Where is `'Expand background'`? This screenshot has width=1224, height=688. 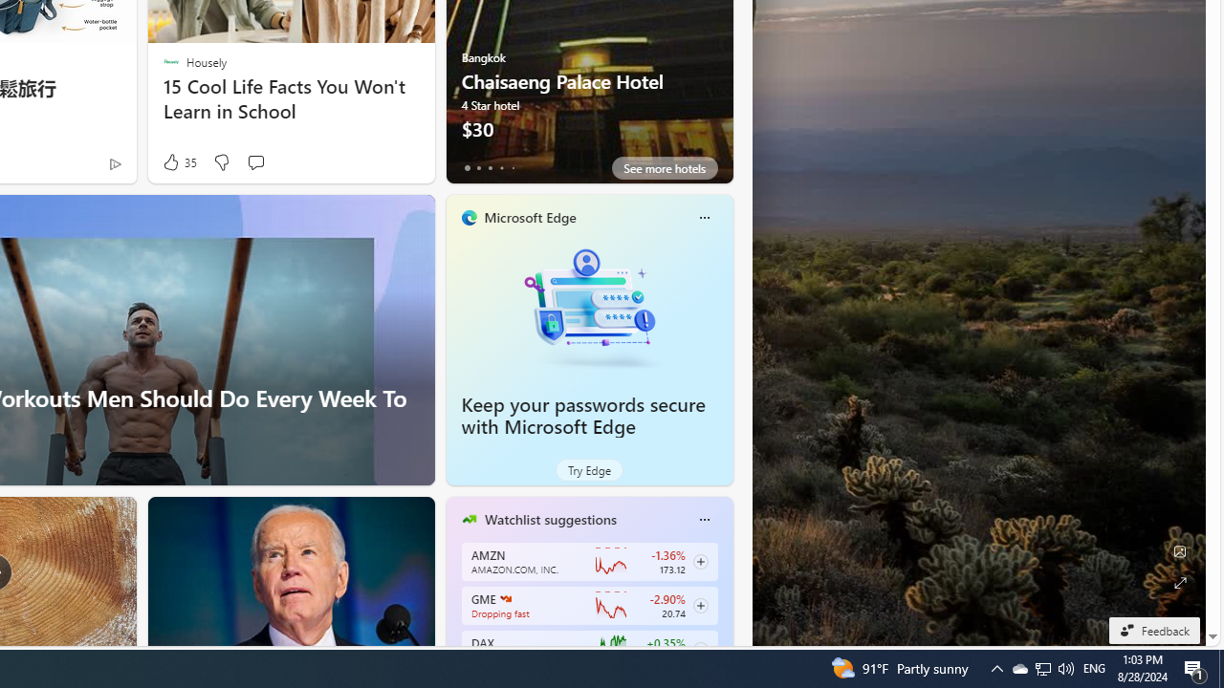
'Expand background' is located at coordinates (1178, 582).